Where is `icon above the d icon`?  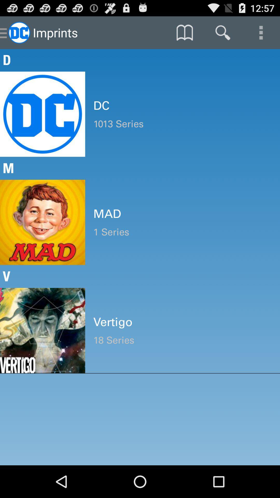 icon above the d icon is located at coordinates (184, 32).